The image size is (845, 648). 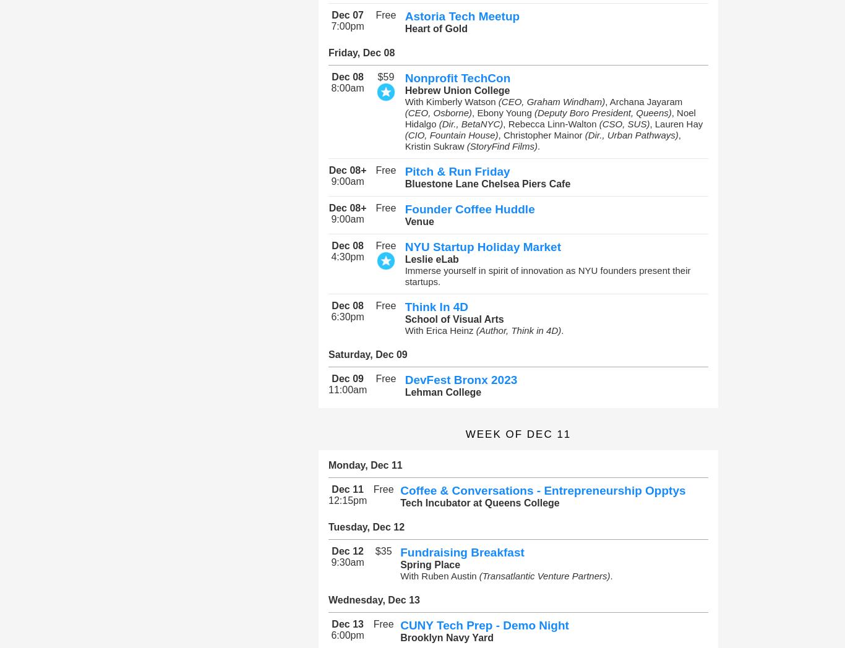 What do you see at coordinates (447, 637) in the screenshot?
I see `'Brooklyn Navy Yard'` at bounding box center [447, 637].